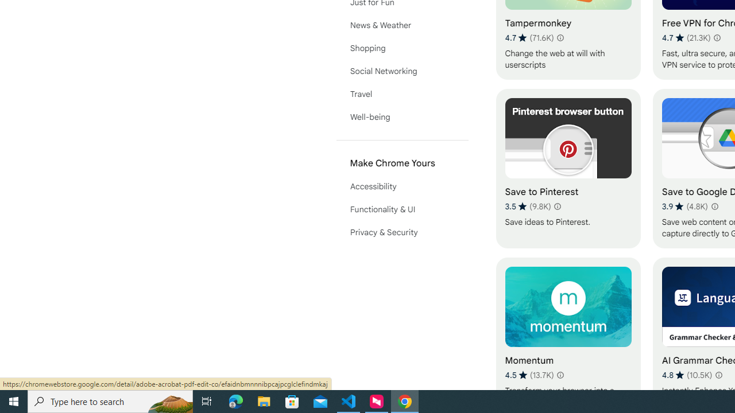 This screenshot has height=413, width=735. I want to click on 'Average rating 4.5 out of 5 stars. 13.7K ratings.', so click(529, 375).